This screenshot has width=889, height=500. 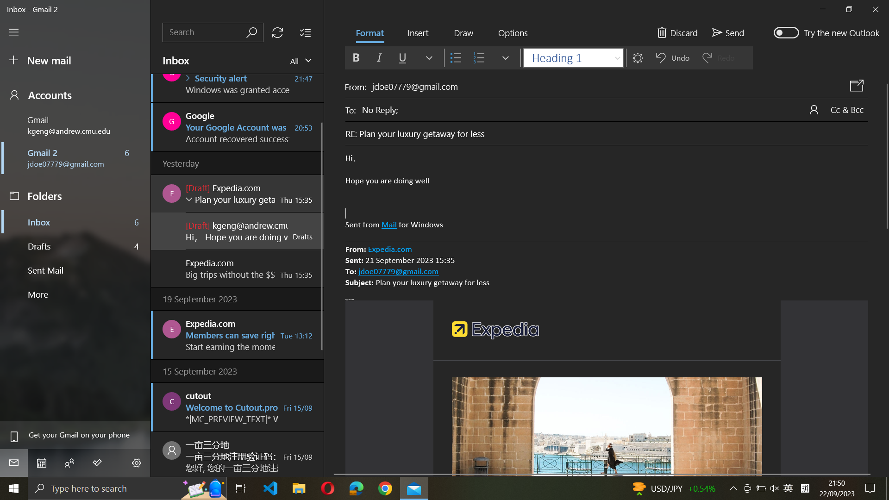 I want to click on Highlight all the text in the email and underline it, so click(x=607, y=192).